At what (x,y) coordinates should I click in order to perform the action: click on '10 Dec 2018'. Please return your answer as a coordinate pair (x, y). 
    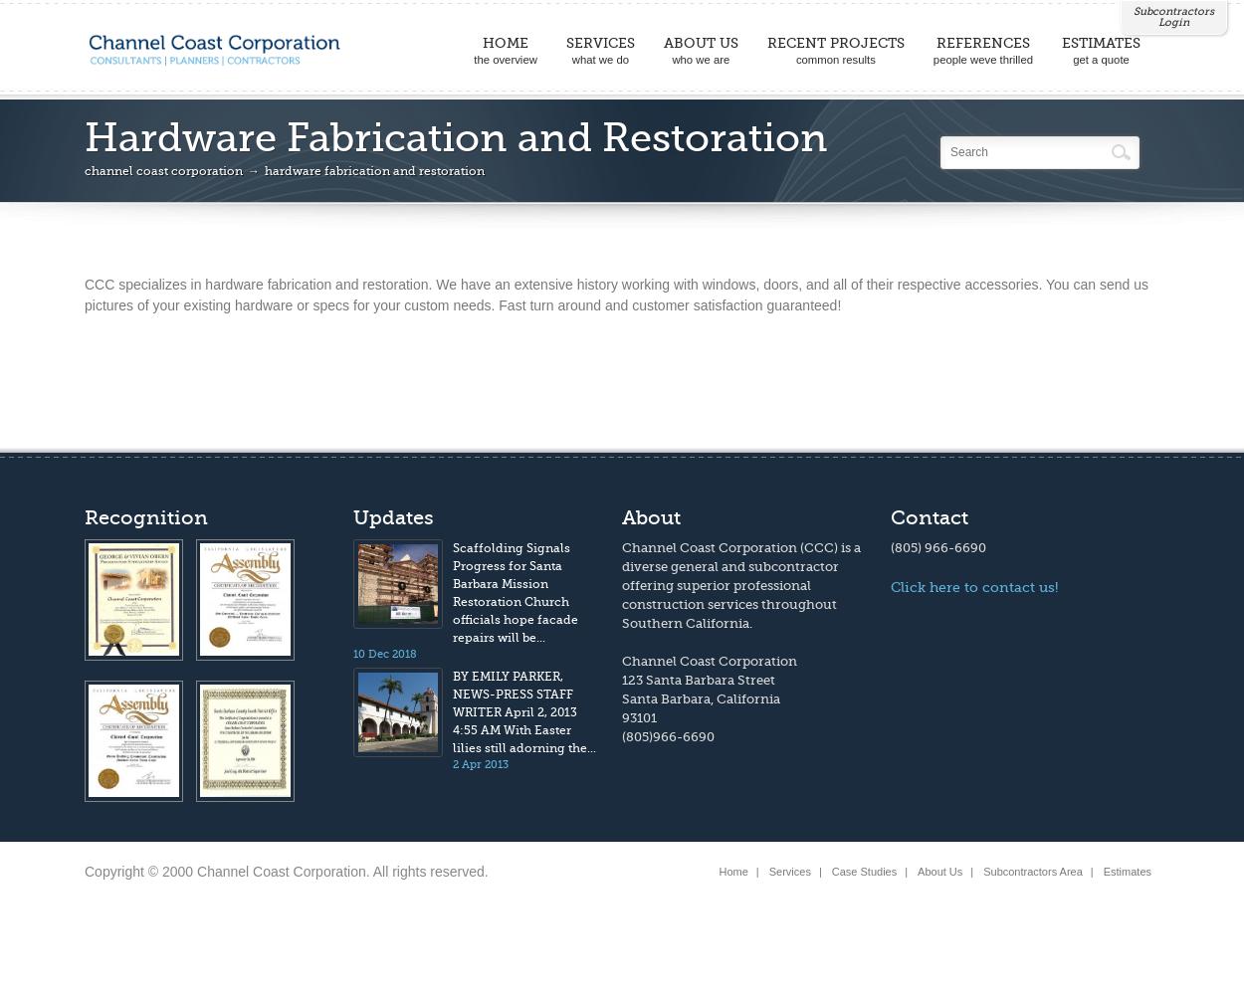
    Looking at the image, I should click on (385, 653).